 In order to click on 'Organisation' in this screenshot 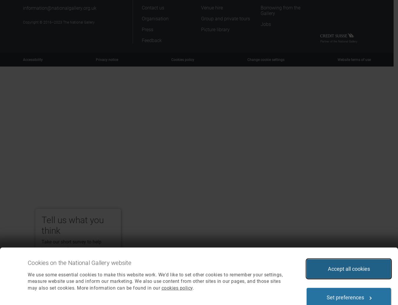, I will do `click(154, 18)`.